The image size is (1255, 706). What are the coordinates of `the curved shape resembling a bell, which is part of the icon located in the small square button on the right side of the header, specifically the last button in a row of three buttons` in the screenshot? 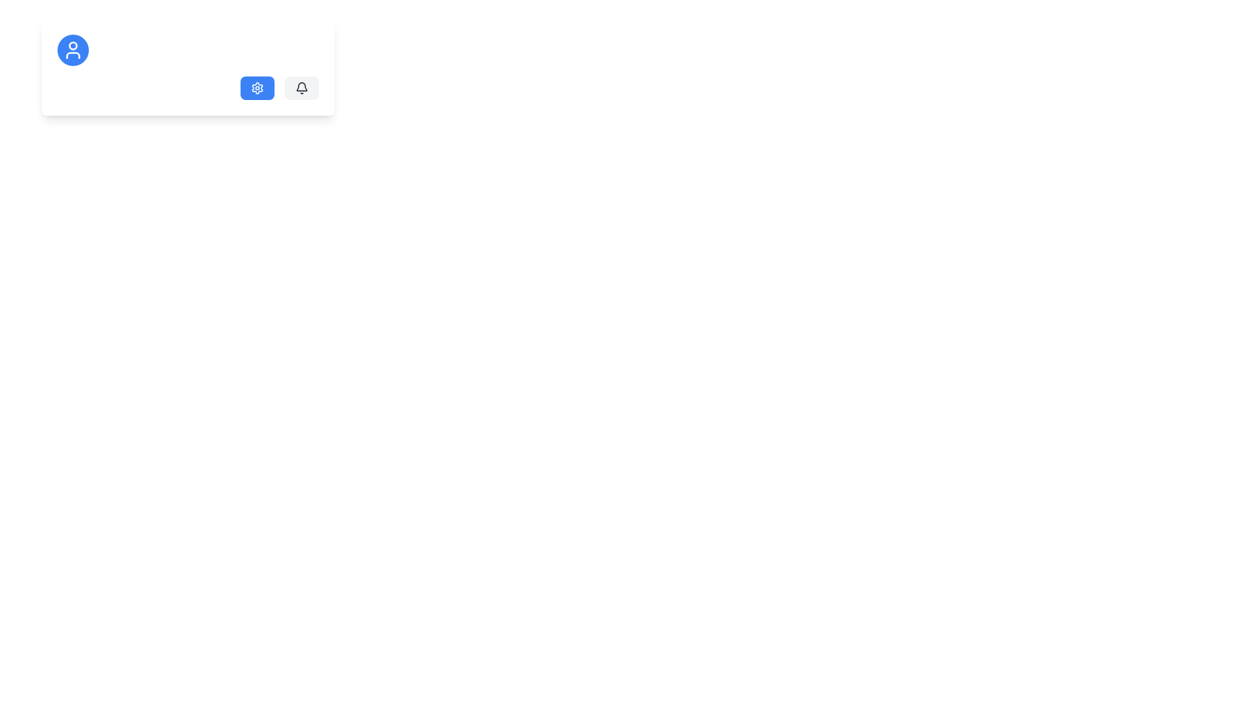 It's located at (301, 86).